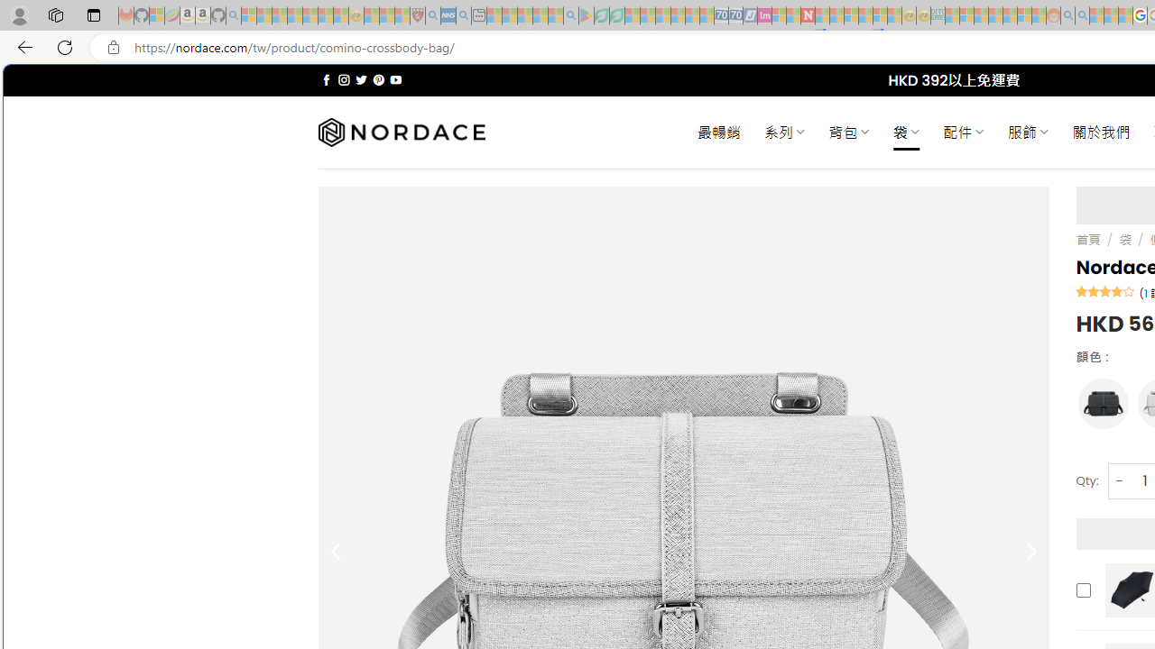  I want to click on '-', so click(1118, 480).